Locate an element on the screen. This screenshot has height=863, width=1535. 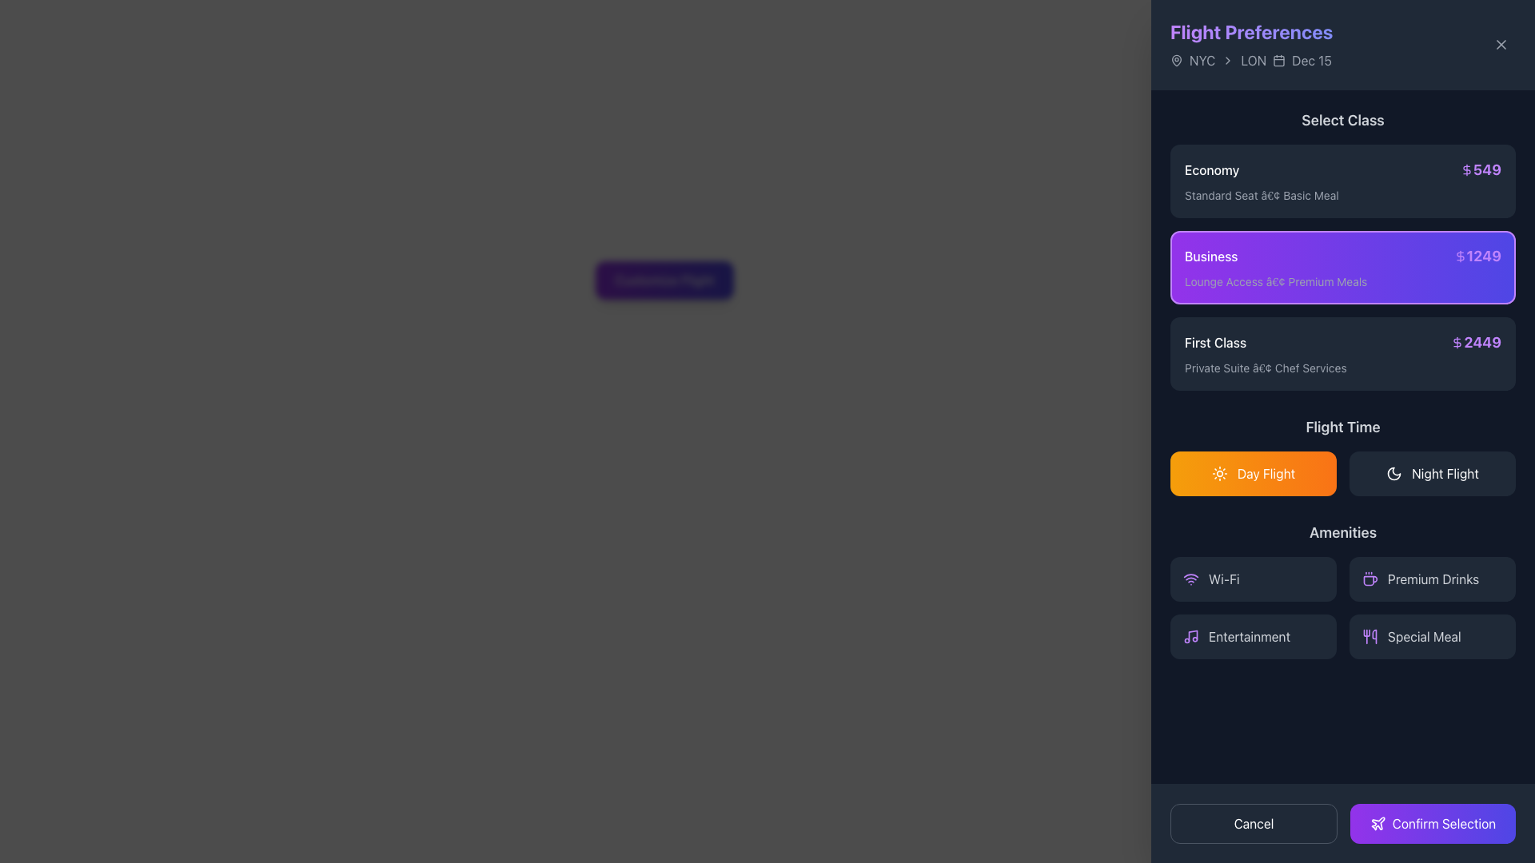
displayed text of the 'Business' class option label located in the 'Select Class' section of the interface, positioned near the top of the right-hand panel is located at coordinates (1211, 255).